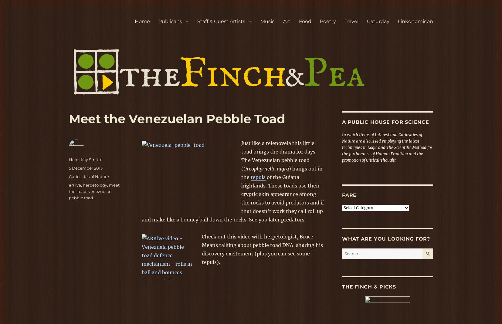  Describe the element at coordinates (81, 191) in the screenshot. I see `'toad'` at that location.